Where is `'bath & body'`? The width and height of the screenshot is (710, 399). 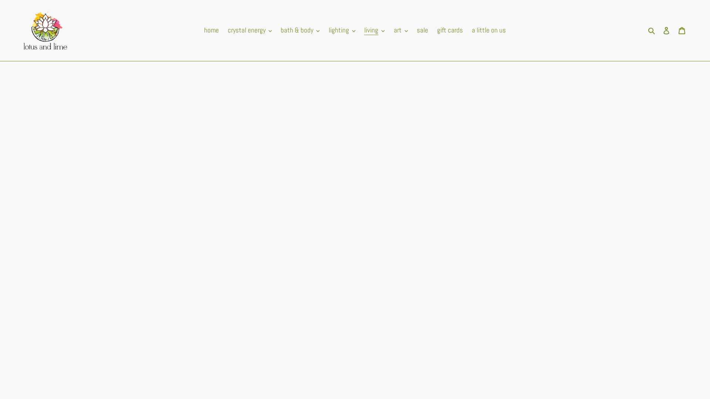
'bath & body' is located at coordinates (300, 30).